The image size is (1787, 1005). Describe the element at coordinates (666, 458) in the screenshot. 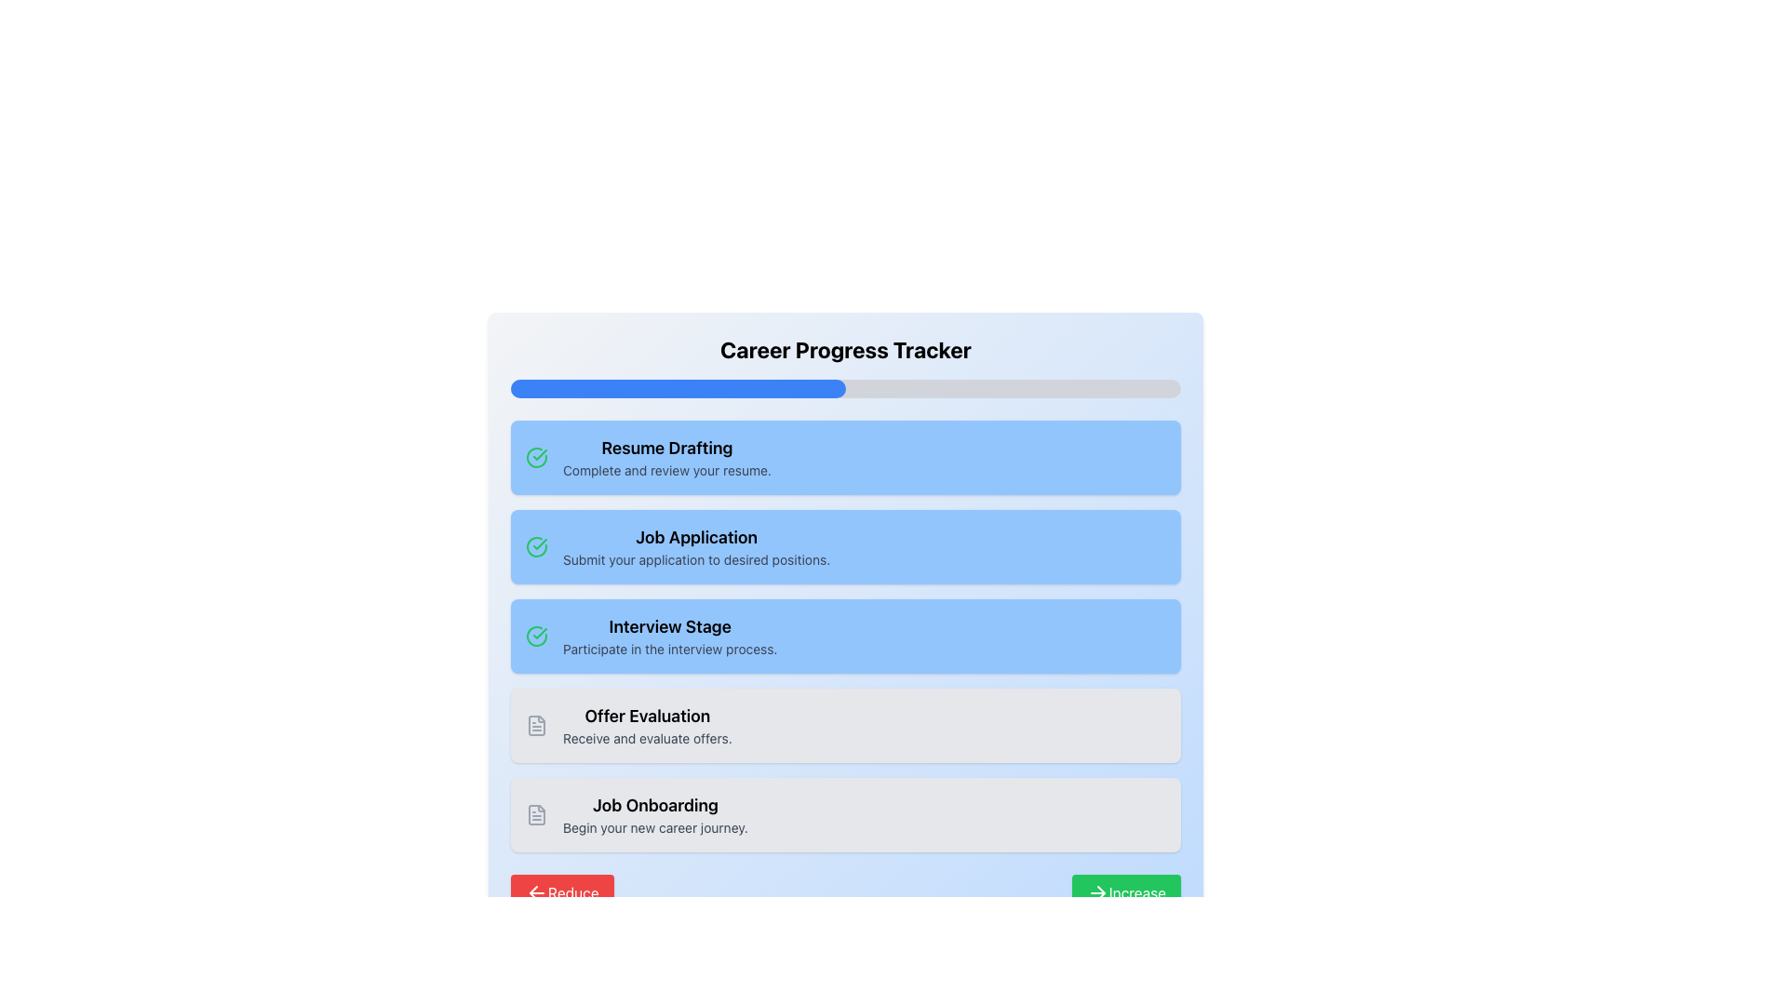

I see `the static informational text block indicating that the 'Resume Drafting' task is completed` at that location.